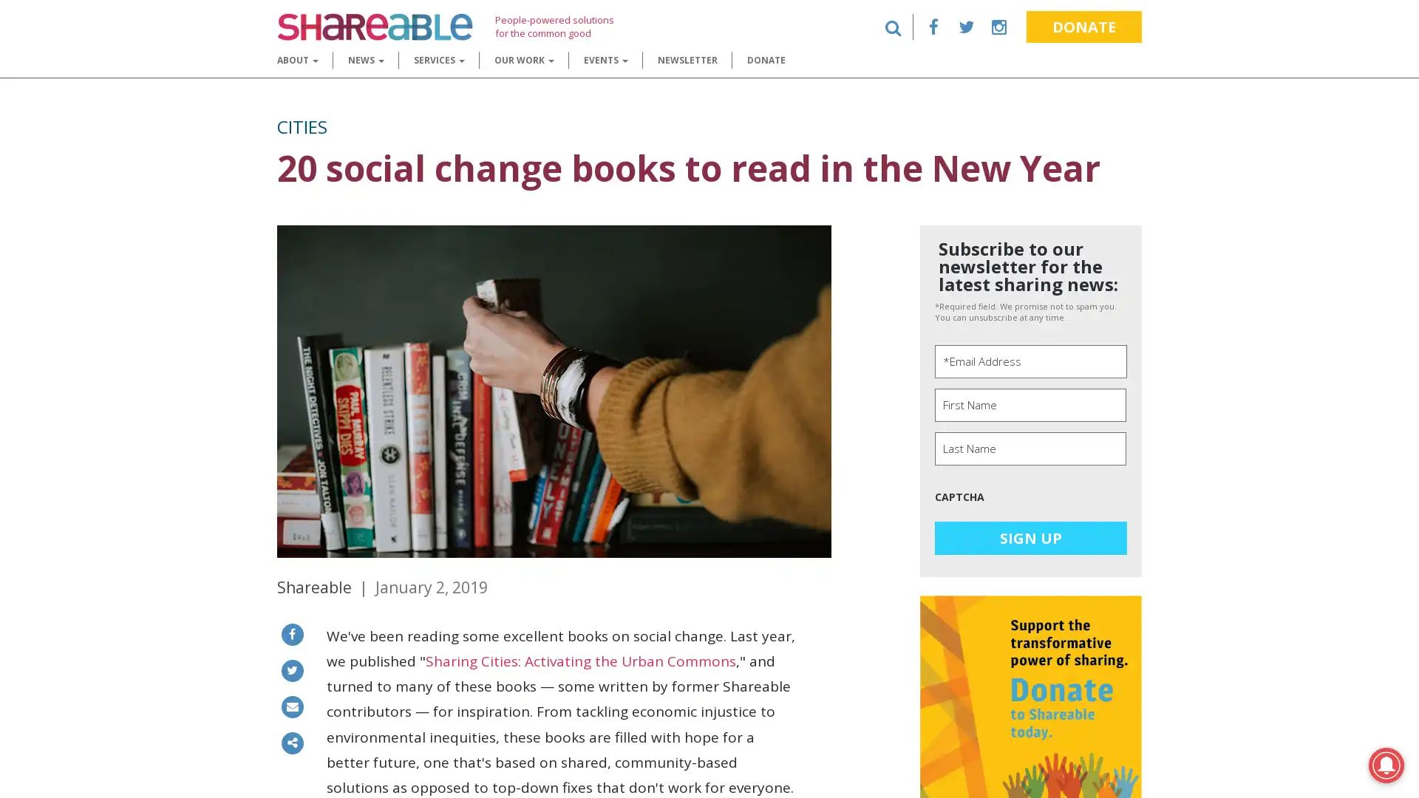 This screenshot has width=1419, height=798. I want to click on Menu Close, so click(18, 23).